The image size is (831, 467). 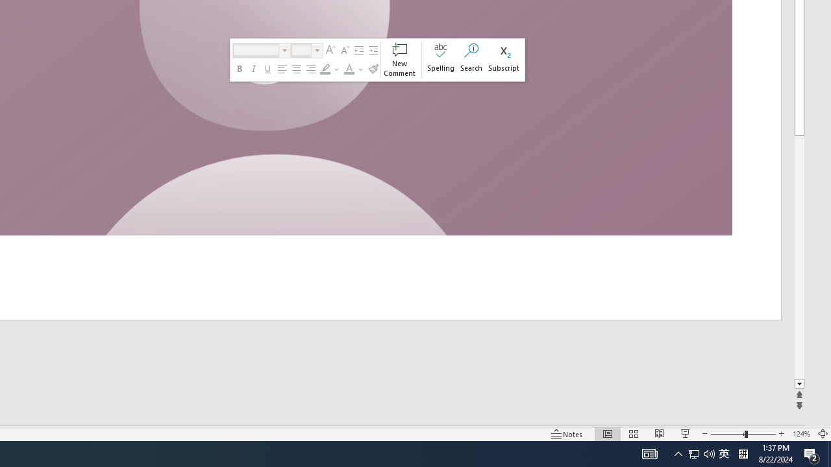 I want to click on 'Spelling...', so click(x=441, y=60).